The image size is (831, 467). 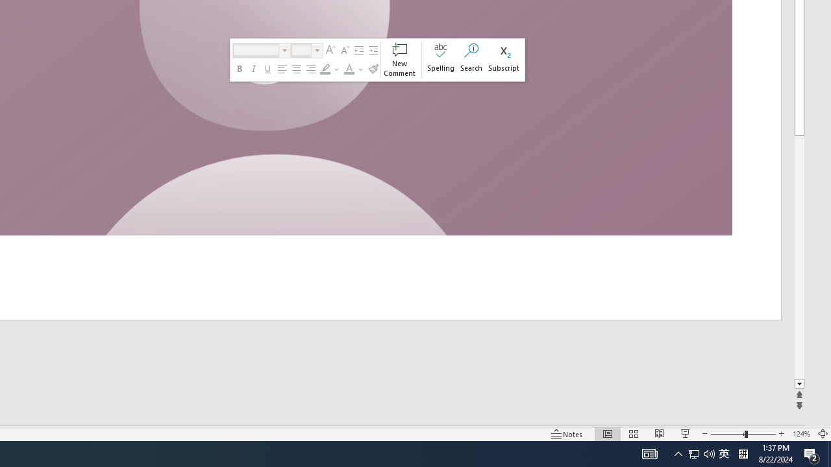 I want to click on 'Spelling...', so click(x=441, y=60).